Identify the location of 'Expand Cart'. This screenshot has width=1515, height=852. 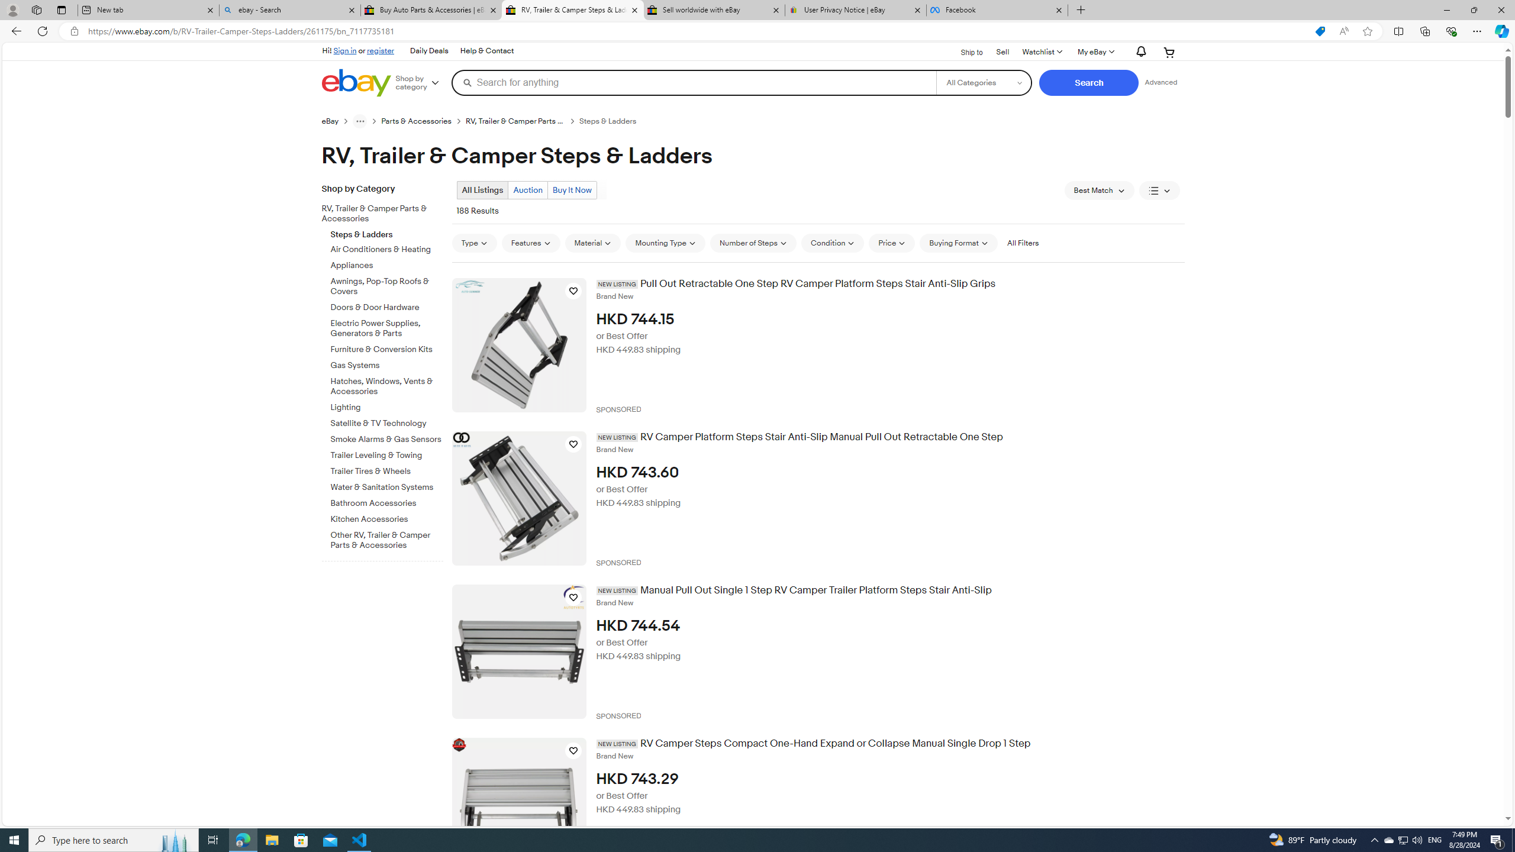
(1169, 51).